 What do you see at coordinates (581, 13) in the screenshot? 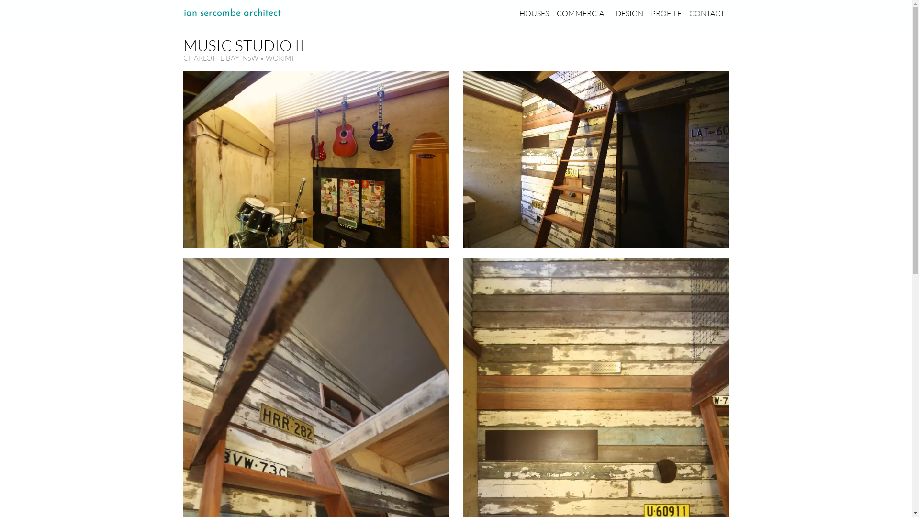
I see `'COMMERCIAL'` at bounding box center [581, 13].